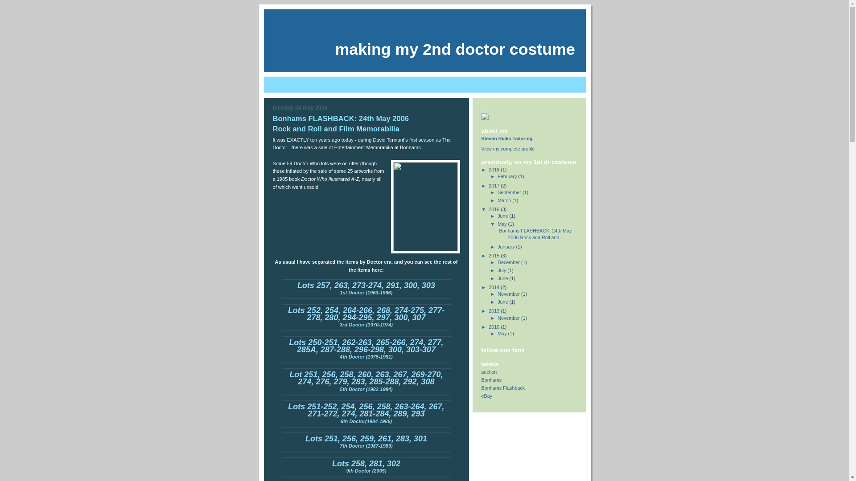 The width and height of the screenshot is (856, 481). What do you see at coordinates (366, 467) in the screenshot?
I see `'Lots 258, 281, 302` at bounding box center [366, 467].